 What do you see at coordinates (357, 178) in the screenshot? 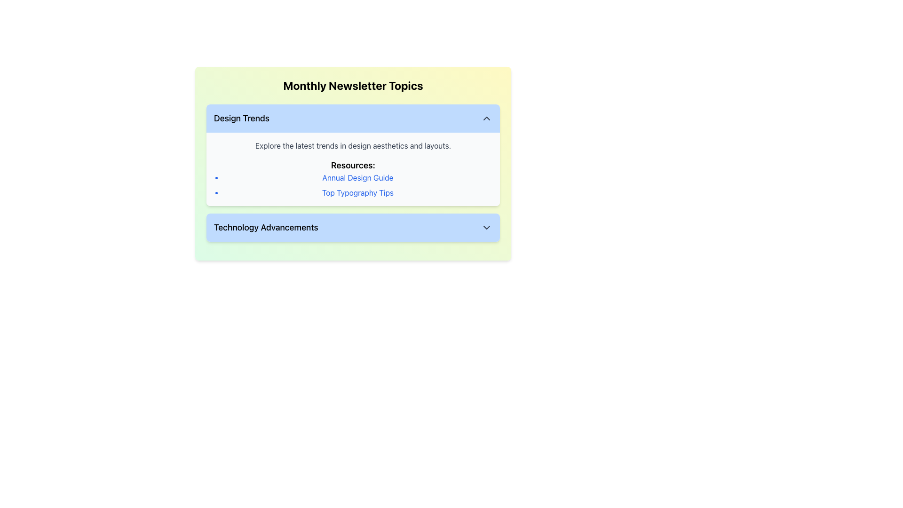
I see `the 'Annual Design Guide' text link to observe the hover effects, which is the first item in the 'Resources' list under the 'Design Trends' section` at bounding box center [357, 178].